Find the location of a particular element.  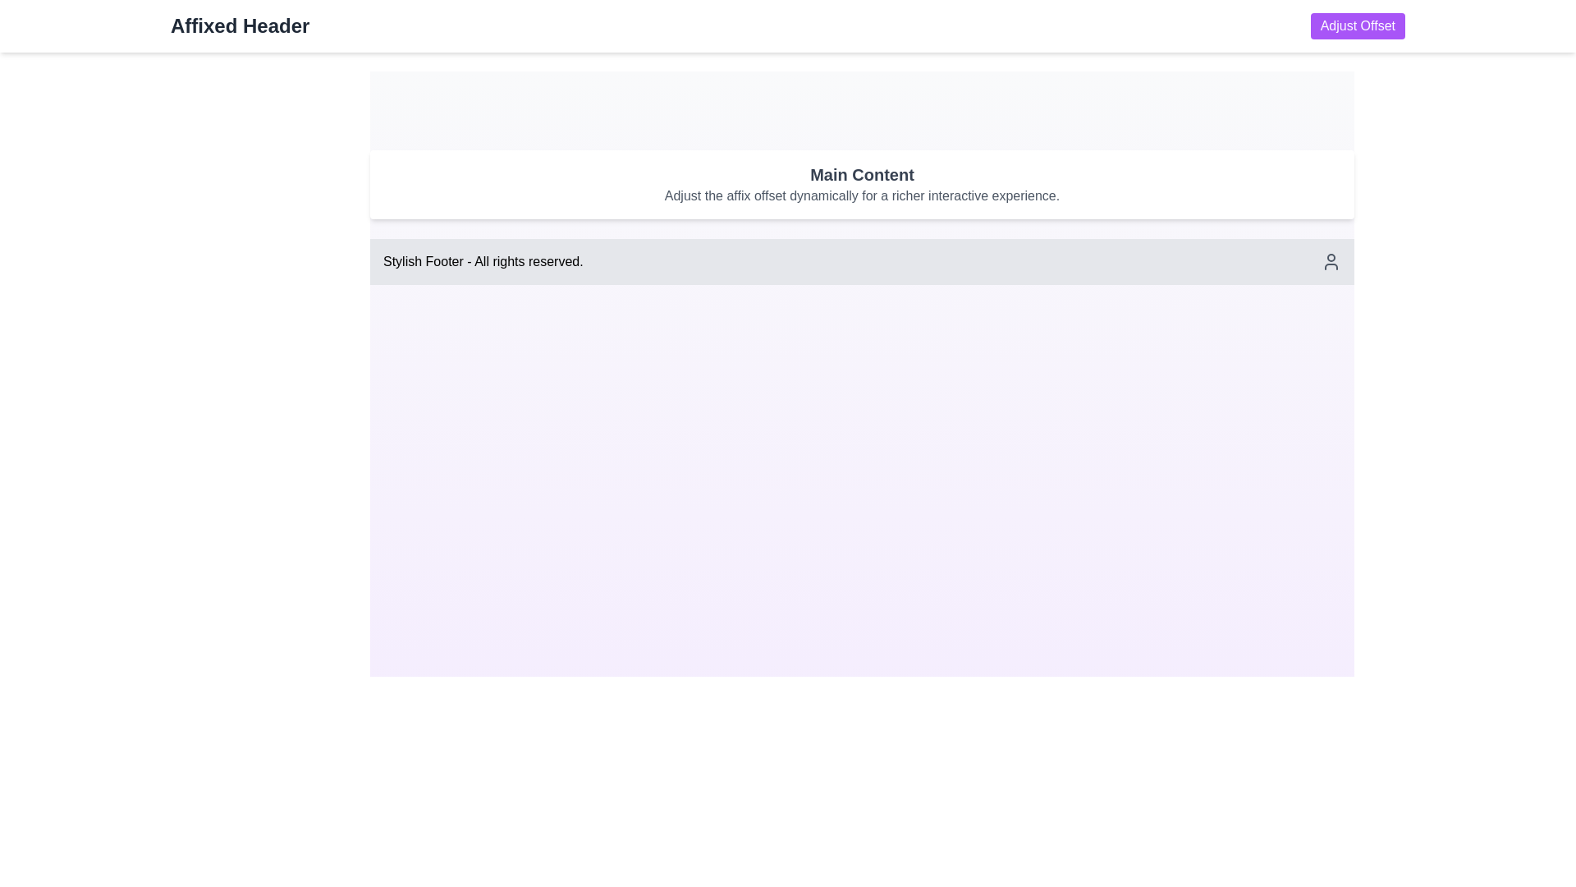

the button located at the top-right corner of the interface, which adjusts or modifies an offset parameter, to change its appearance is located at coordinates (1358, 25).